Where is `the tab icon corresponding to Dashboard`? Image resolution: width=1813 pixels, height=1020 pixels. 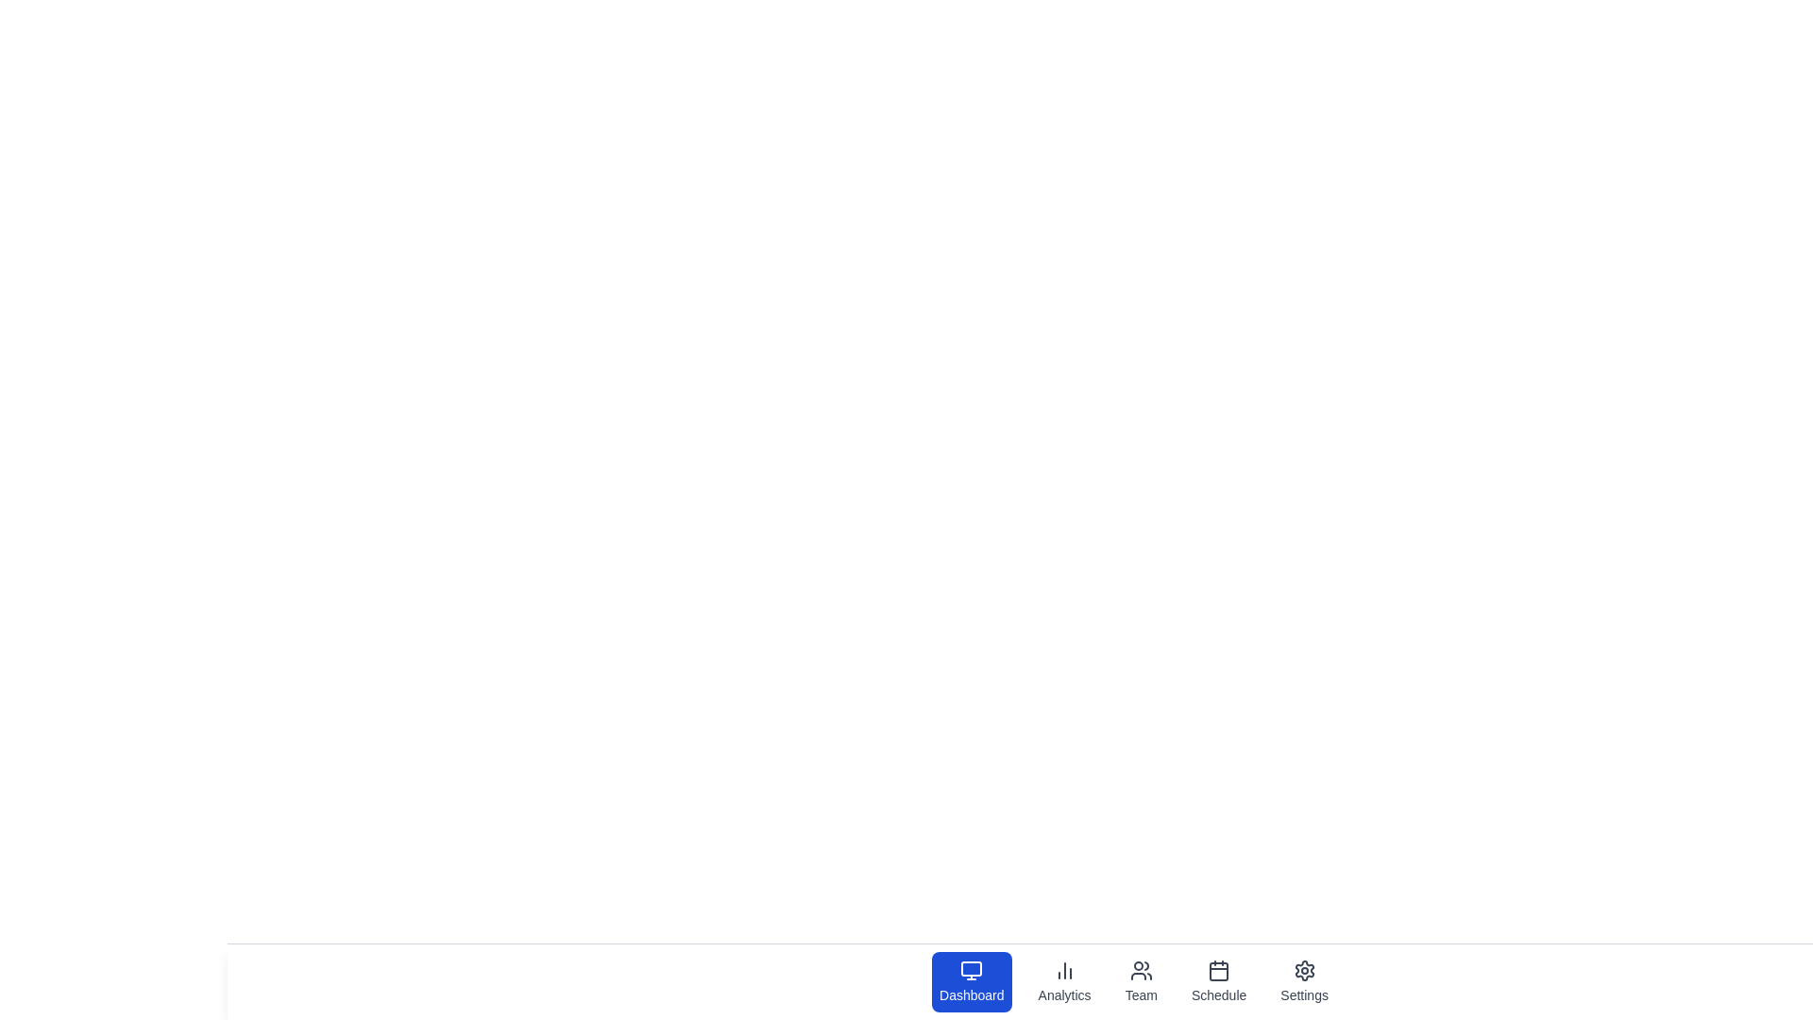 the tab icon corresponding to Dashboard is located at coordinates (972, 981).